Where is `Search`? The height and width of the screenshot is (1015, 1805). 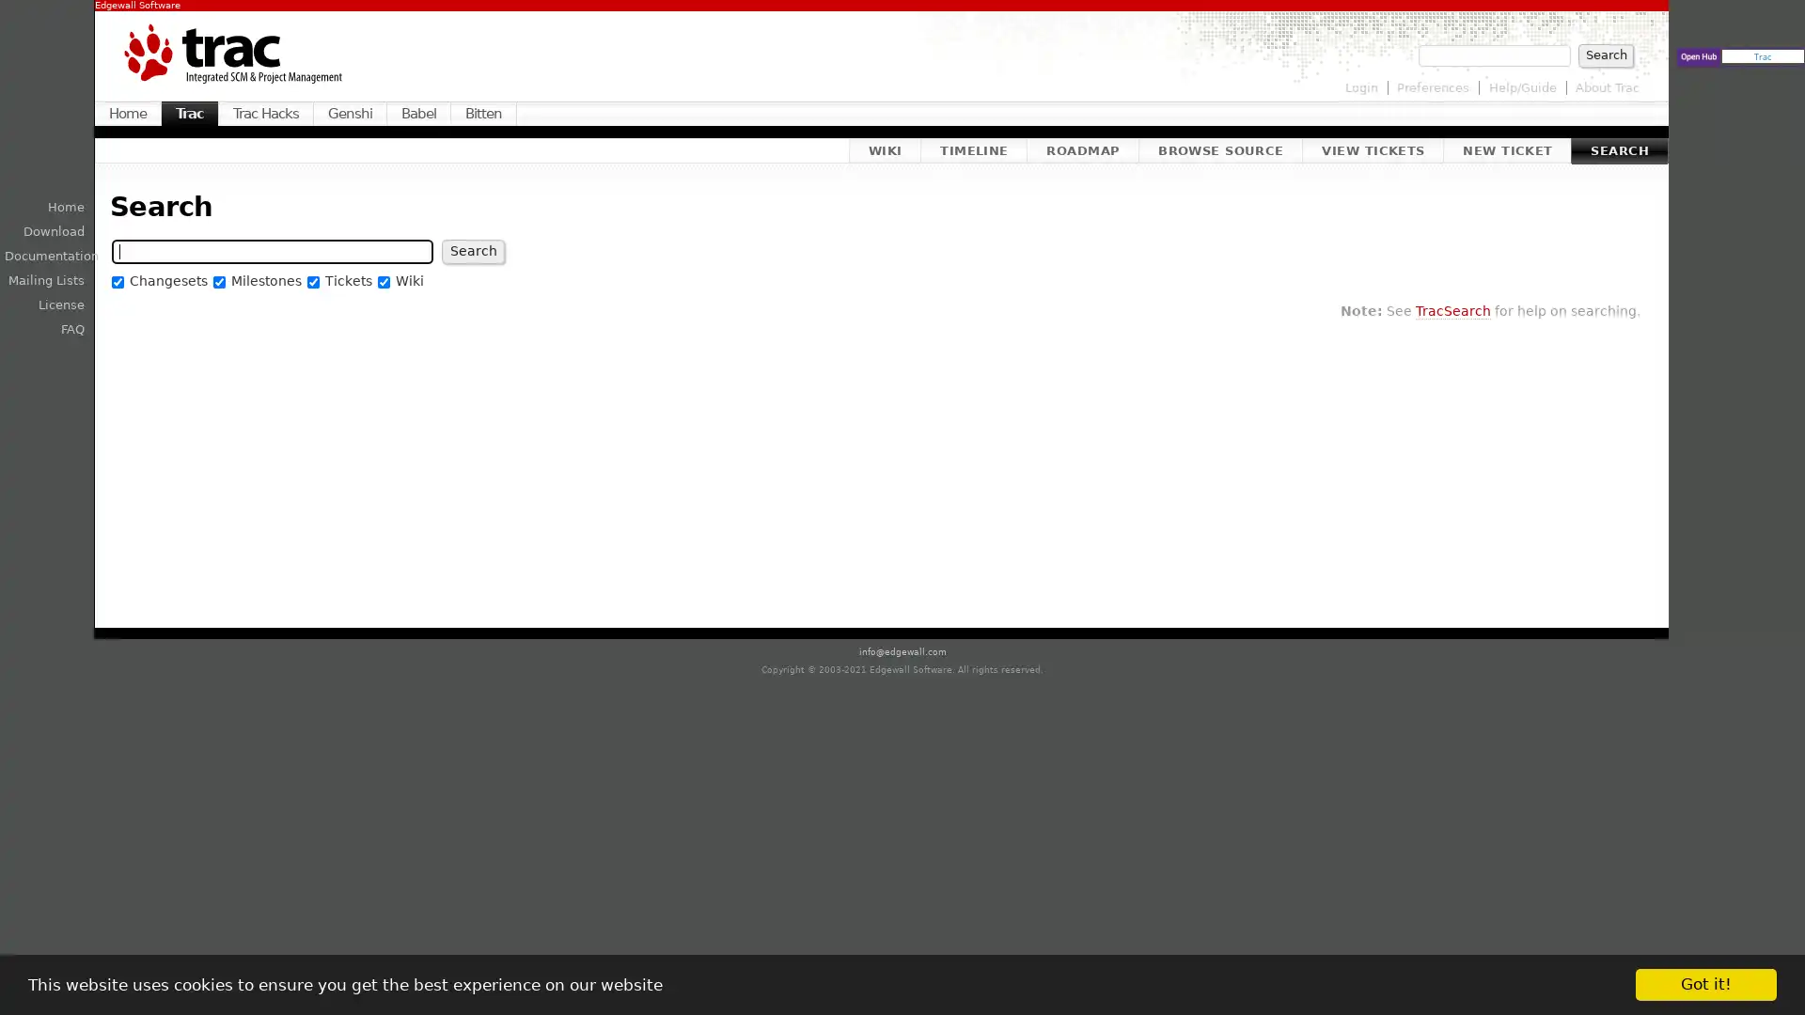
Search is located at coordinates (473, 250).